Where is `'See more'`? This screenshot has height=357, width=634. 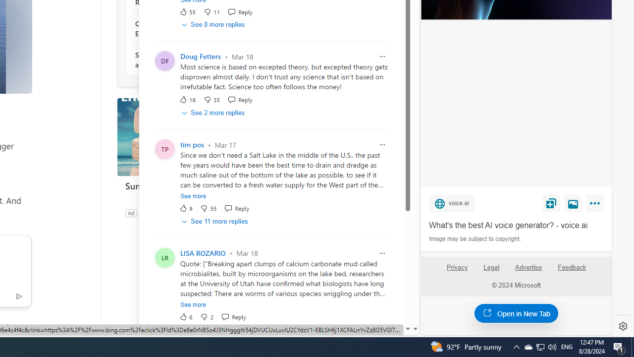
'See more' is located at coordinates (193, 304).